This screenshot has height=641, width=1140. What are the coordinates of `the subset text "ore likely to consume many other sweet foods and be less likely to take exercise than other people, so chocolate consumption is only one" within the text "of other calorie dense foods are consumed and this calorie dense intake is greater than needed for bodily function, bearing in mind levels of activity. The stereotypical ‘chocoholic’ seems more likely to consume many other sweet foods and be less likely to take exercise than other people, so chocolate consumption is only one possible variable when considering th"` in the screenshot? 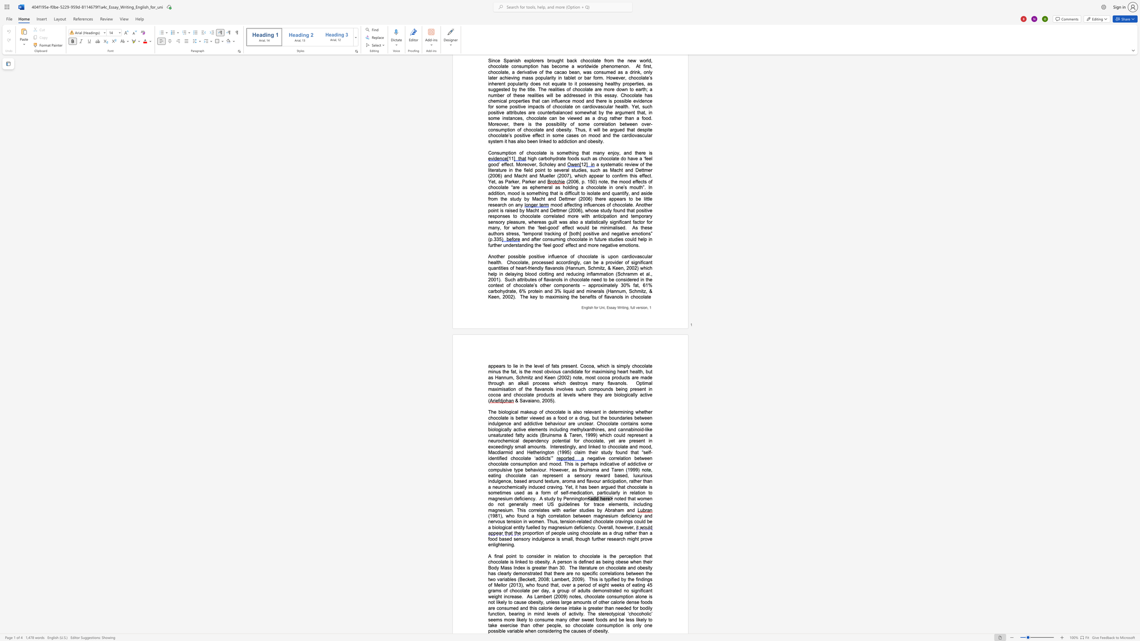 It's located at (507, 619).